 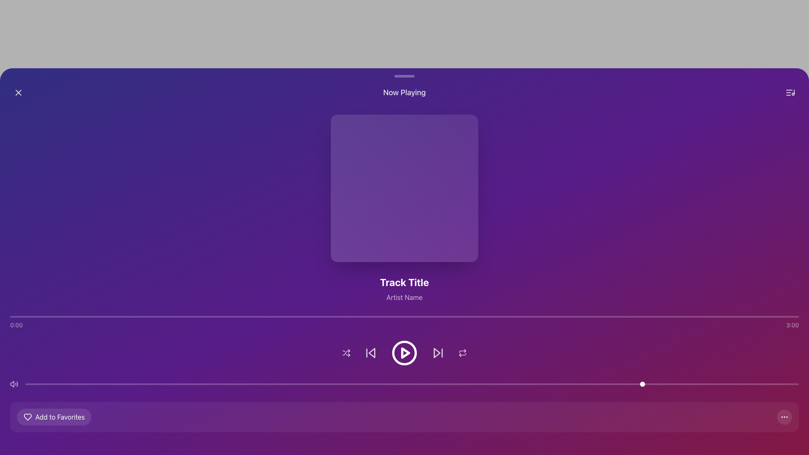 I want to click on the Static Label element displaying '3:00', which is positioned at the far right of a horizontal bar, so click(x=792, y=324).